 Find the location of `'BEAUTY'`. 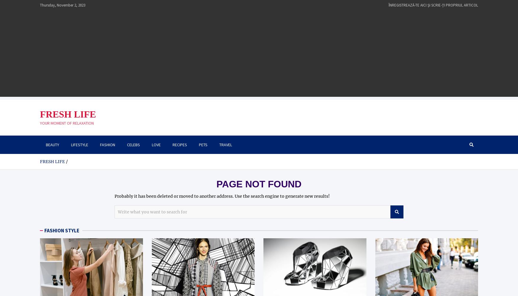

'BEAUTY' is located at coordinates (52, 144).